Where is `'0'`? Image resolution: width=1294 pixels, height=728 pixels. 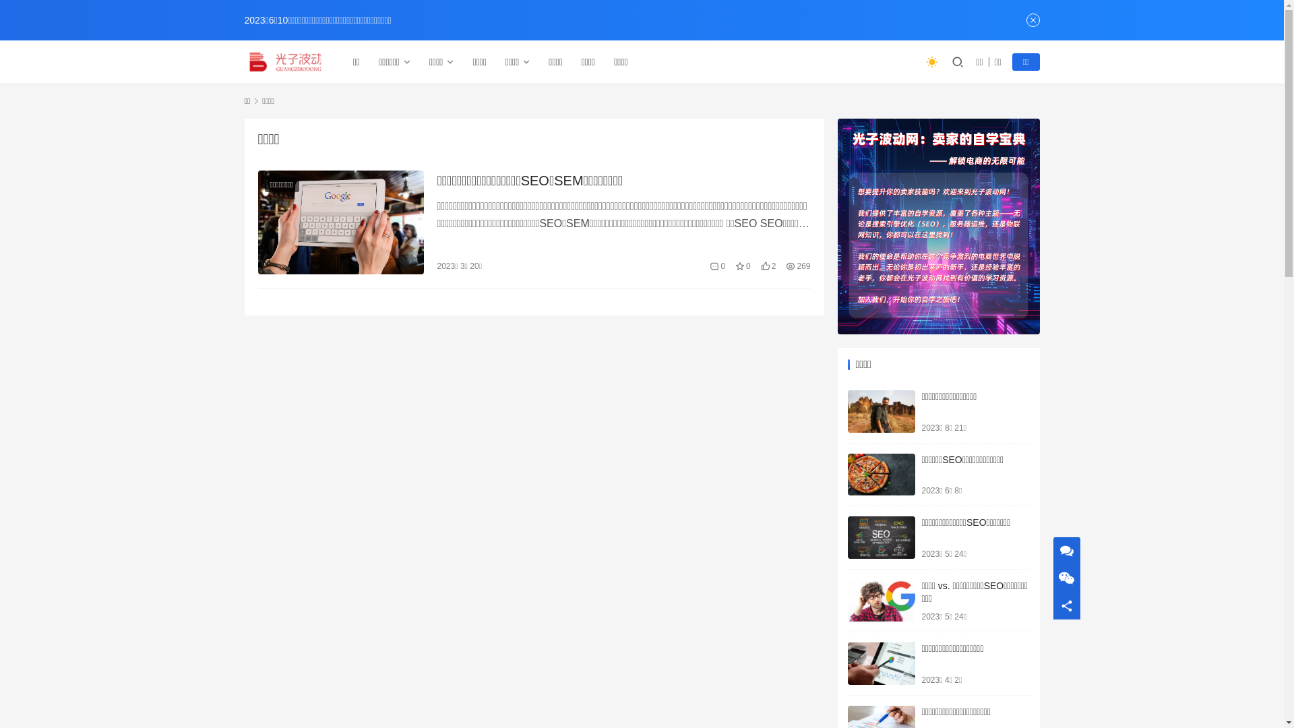
'0' is located at coordinates (716, 266).